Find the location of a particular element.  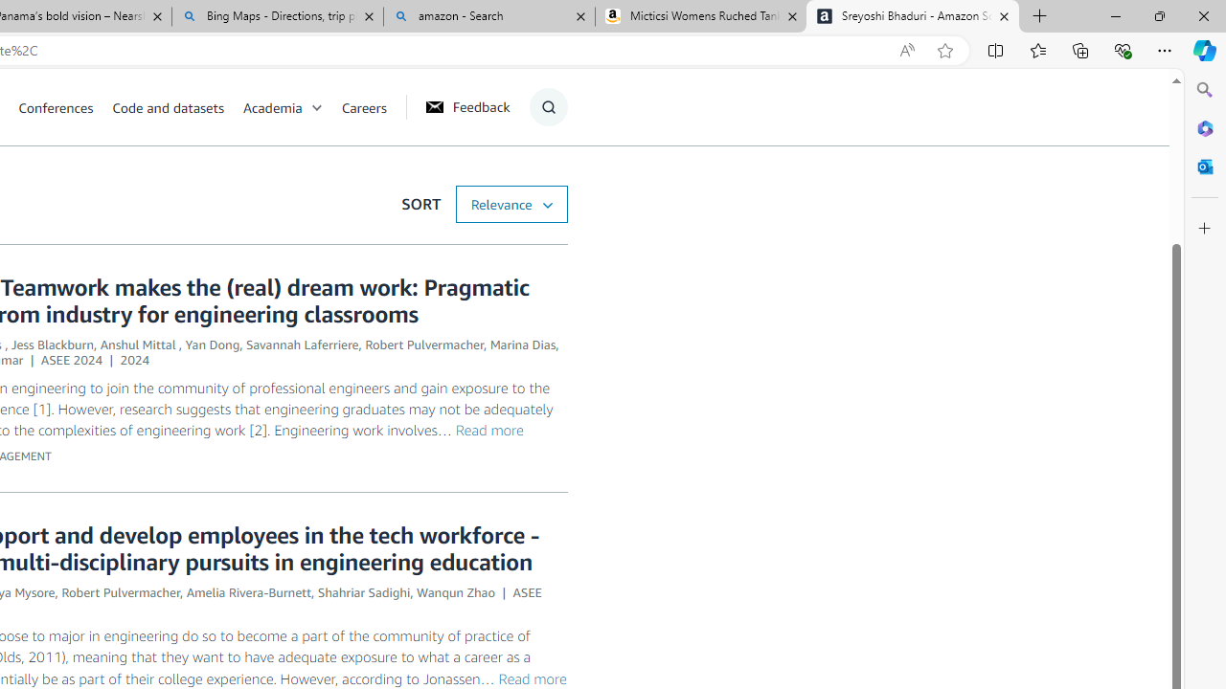

'Academia' is located at coordinates (271, 106).